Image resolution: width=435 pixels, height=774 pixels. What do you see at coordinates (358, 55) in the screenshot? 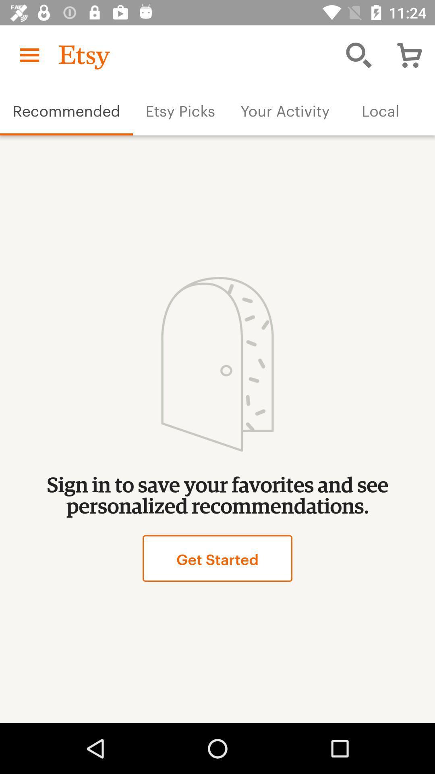
I see `the search icon` at bounding box center [358, 55].